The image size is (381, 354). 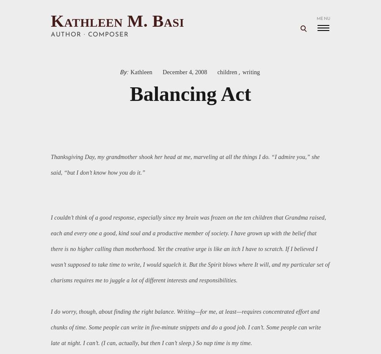 What do you see at coordinates (117, 21) in the screenshot?
I see `'Kathleen M. Basi'` at bounding box center [117, 21].